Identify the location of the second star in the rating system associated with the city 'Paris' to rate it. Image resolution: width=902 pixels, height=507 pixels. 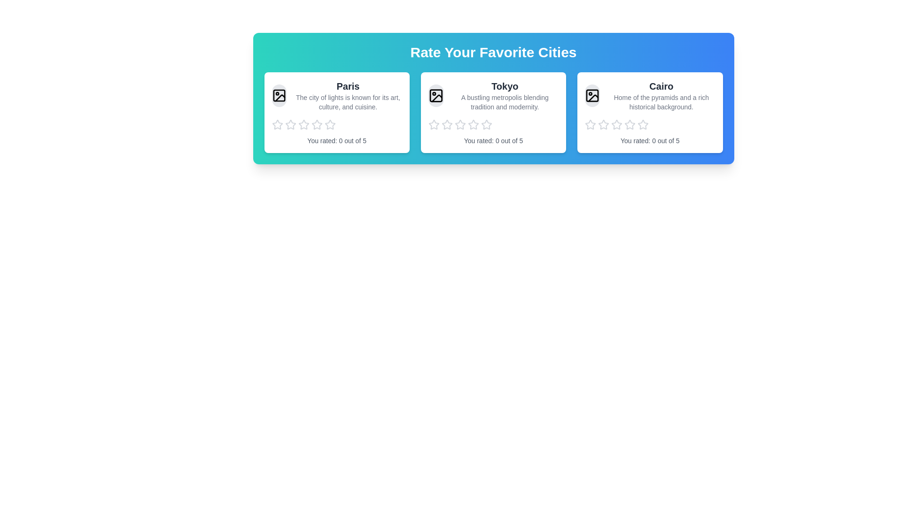
(290, 124).